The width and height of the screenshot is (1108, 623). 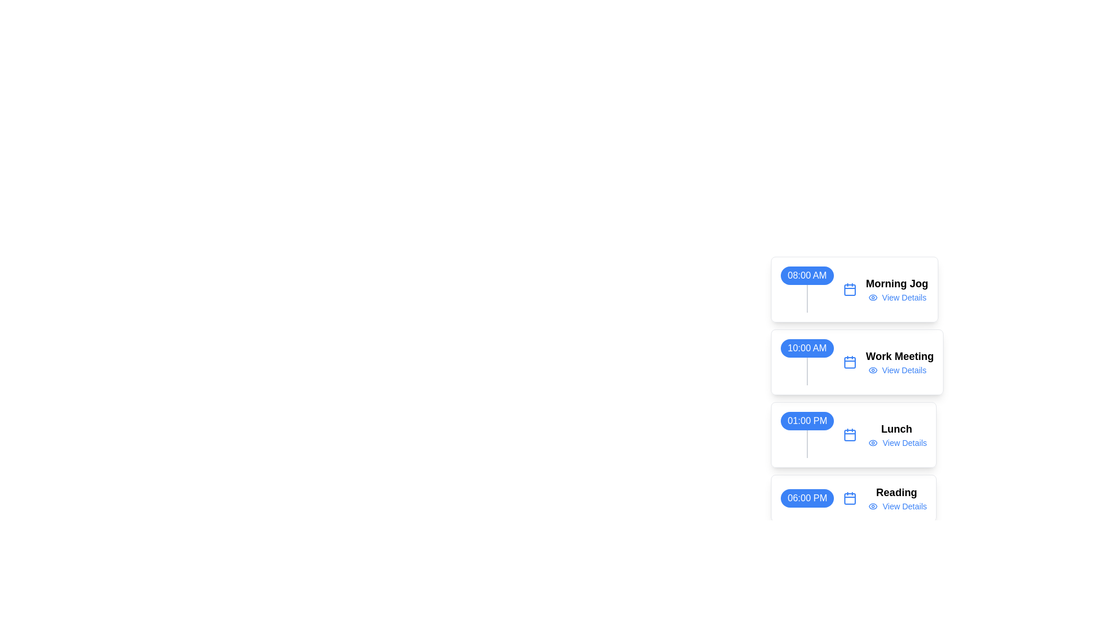 I want to click on the 'View Details' interactive text link, which is styled in a small blue font and accompanied by an eye icon on its left, so click(x=896, y=506).